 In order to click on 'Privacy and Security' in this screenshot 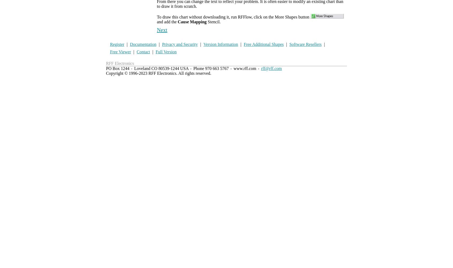, I will do `click(162, 44)`.